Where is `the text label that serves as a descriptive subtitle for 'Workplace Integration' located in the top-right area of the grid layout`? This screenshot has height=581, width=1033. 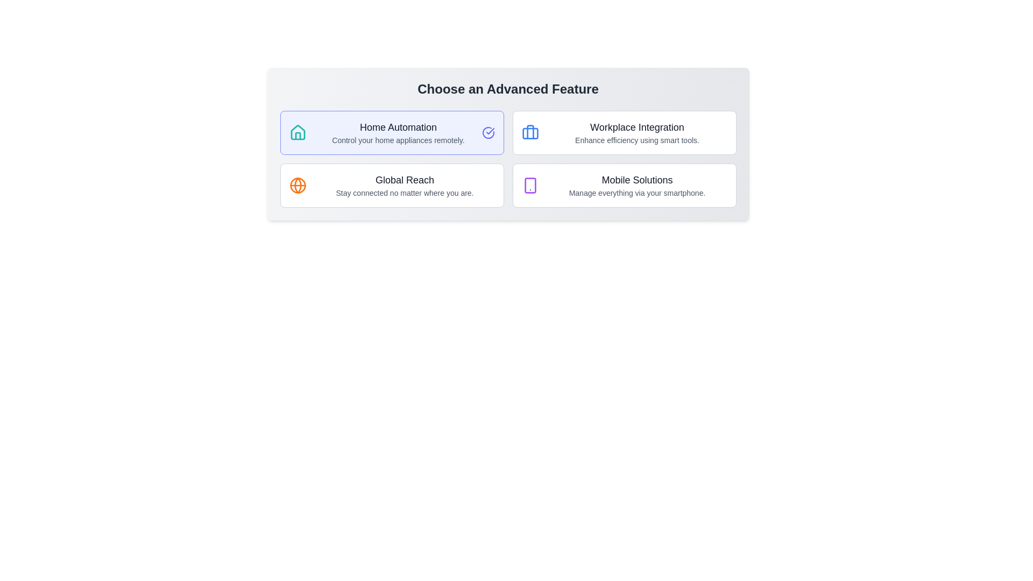
the text label that serves as a descriptive subtitle for 'Workplace Integration' located in the top-right area of the grid layout is located at coordinates (637, 140).